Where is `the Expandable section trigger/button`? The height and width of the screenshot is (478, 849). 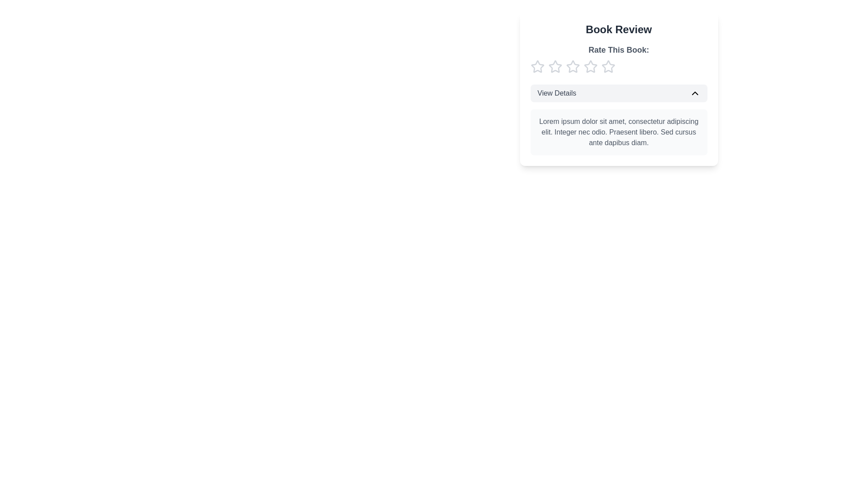
the Expandable section trigger/button is located at coordinates (618, 93).